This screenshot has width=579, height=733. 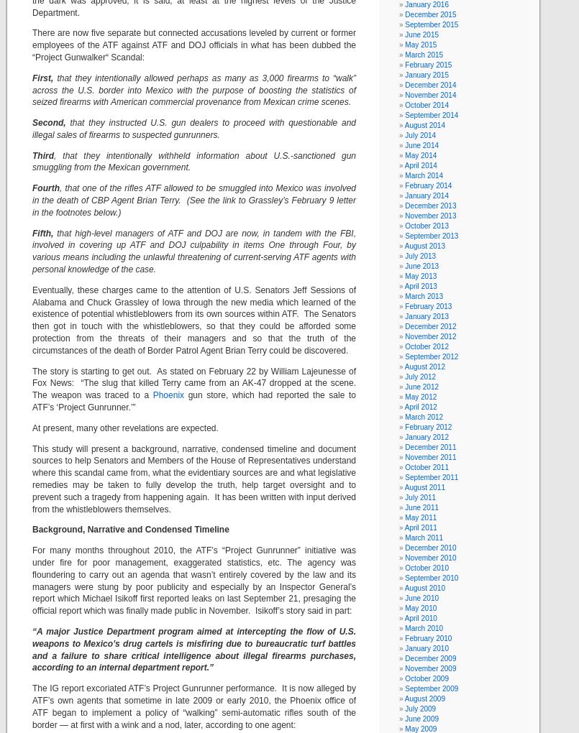 I want to click on 'that high-level managers of ATF and DOJ are now, in tandem with the FBI,  involved in covering up ATF and DOJ culpability in items One through  Four, by various means including the unlawful threatening of  current-serving ATF agents with personal knowledge of the case.', so click(x=193, y=250).